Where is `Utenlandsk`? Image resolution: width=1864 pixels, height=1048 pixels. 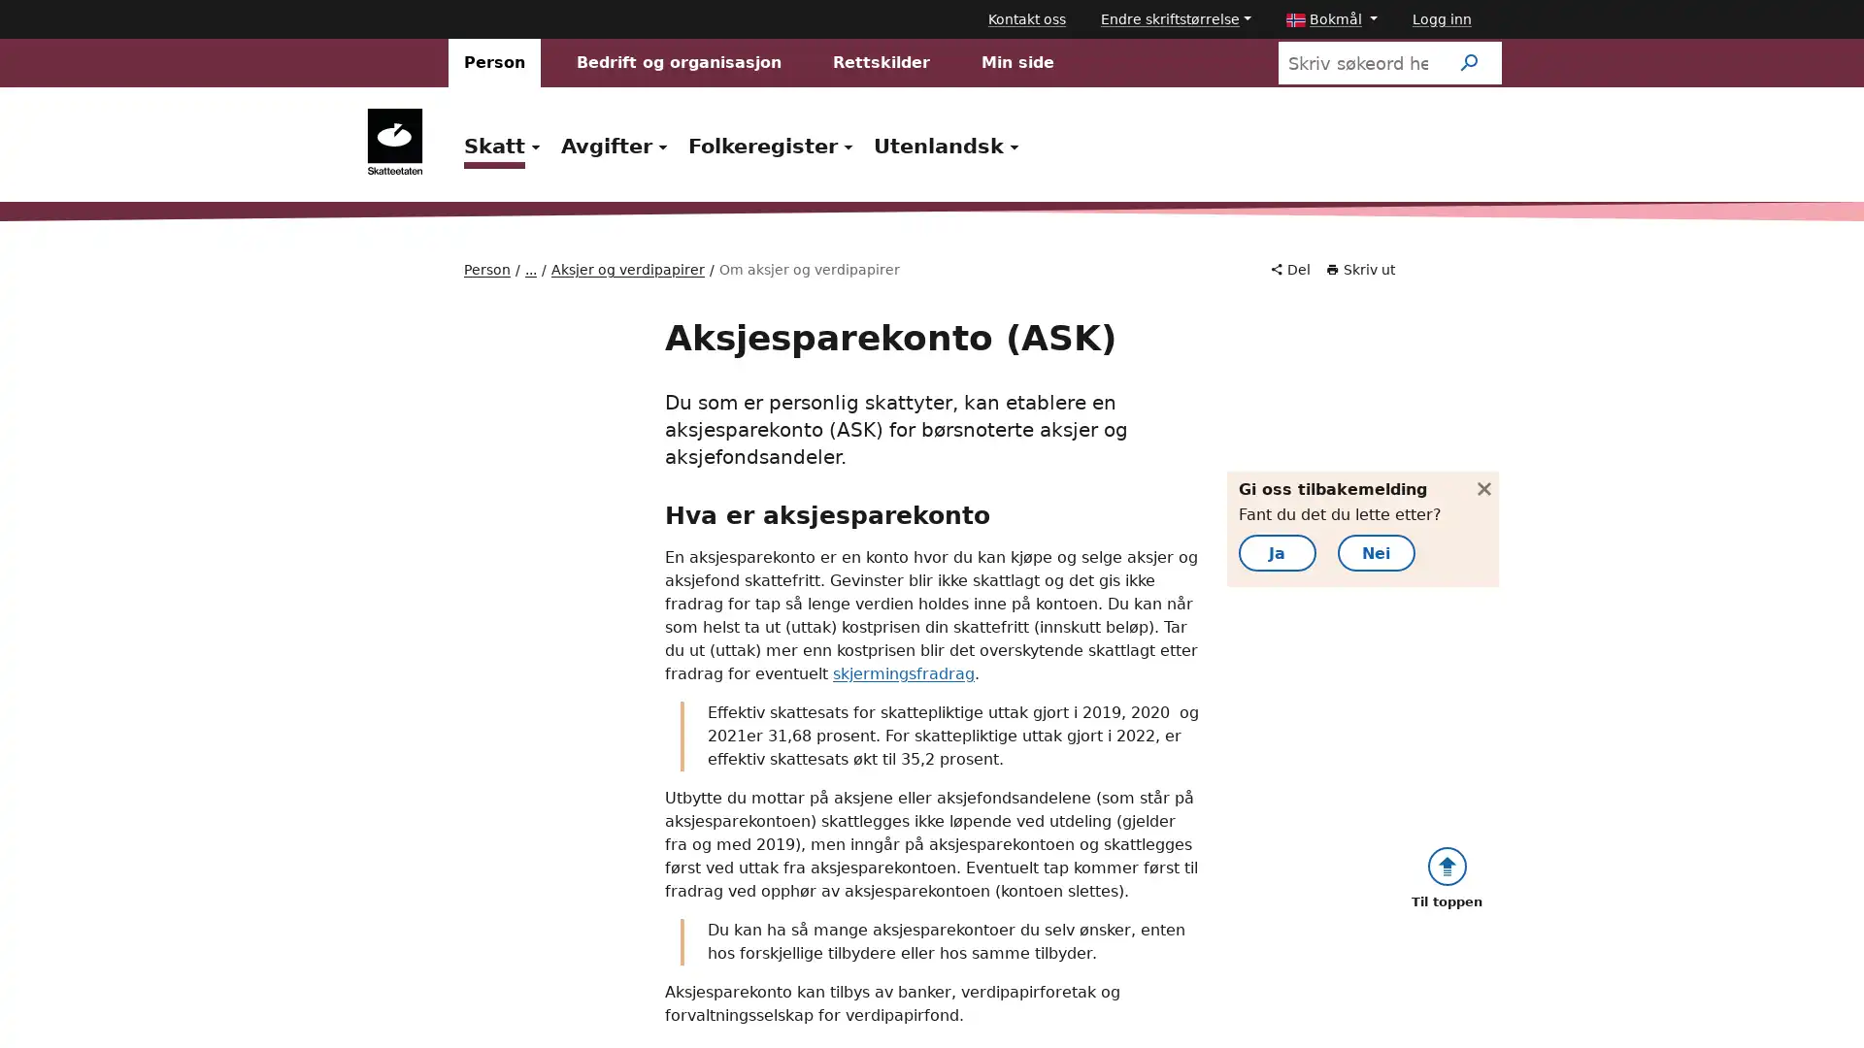 Utenlandsk is located at coordinates (949, 145).